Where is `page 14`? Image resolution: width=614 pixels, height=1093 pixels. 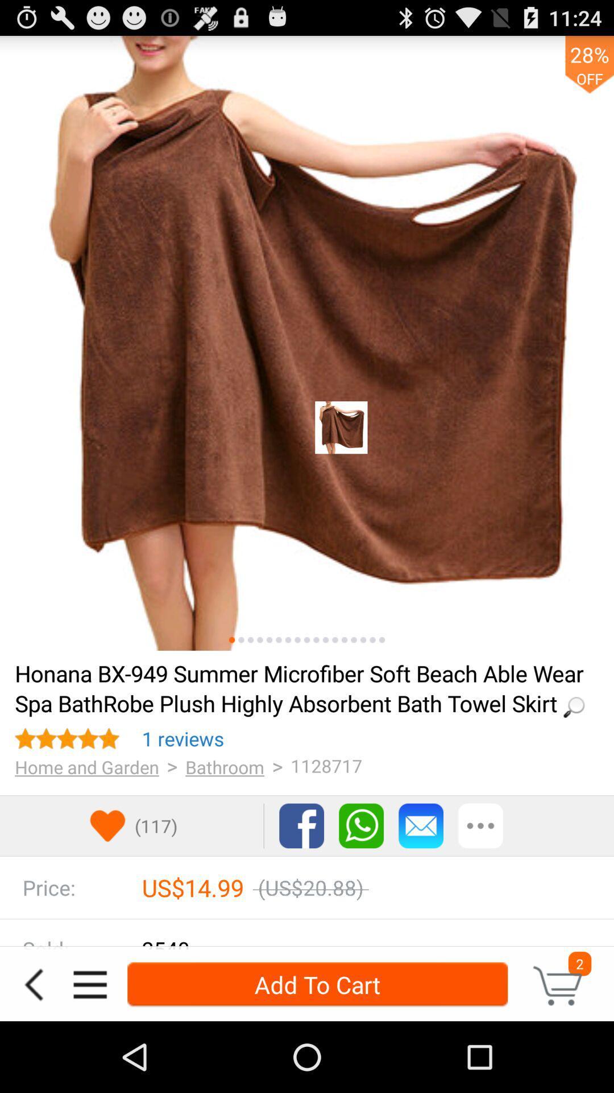 page 14 is located at coordinates (353, 640).